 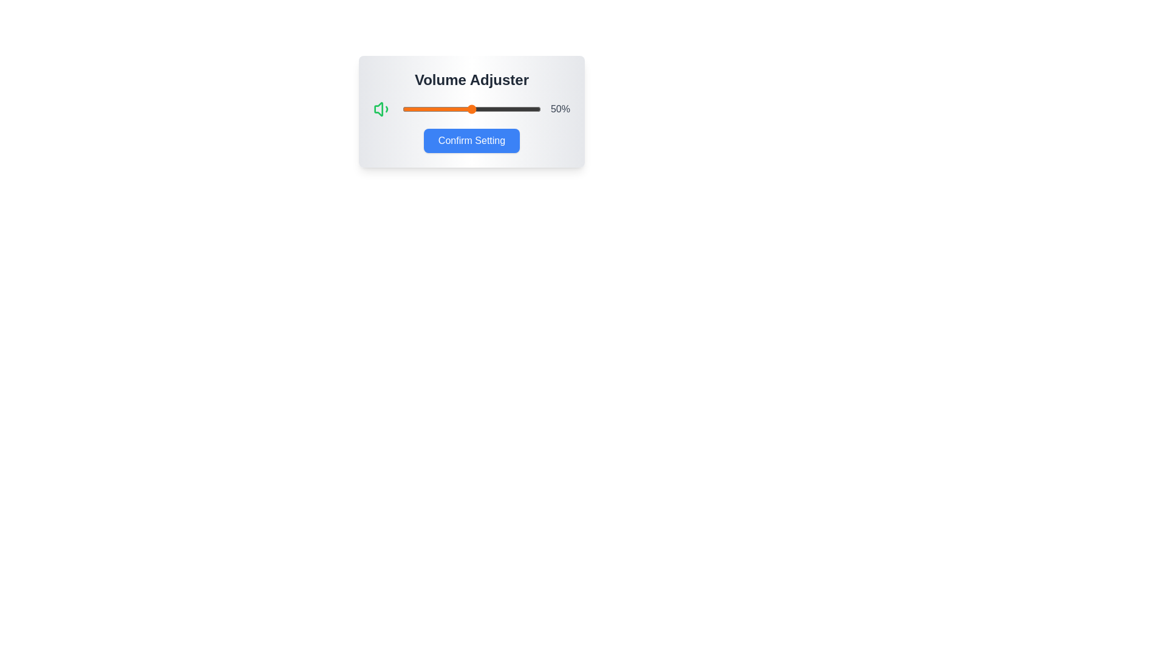 What do you see at coordinates (559, 109) in the screenshot?
I see `the displayed volume percentage text` at bounding box center [559, 109].